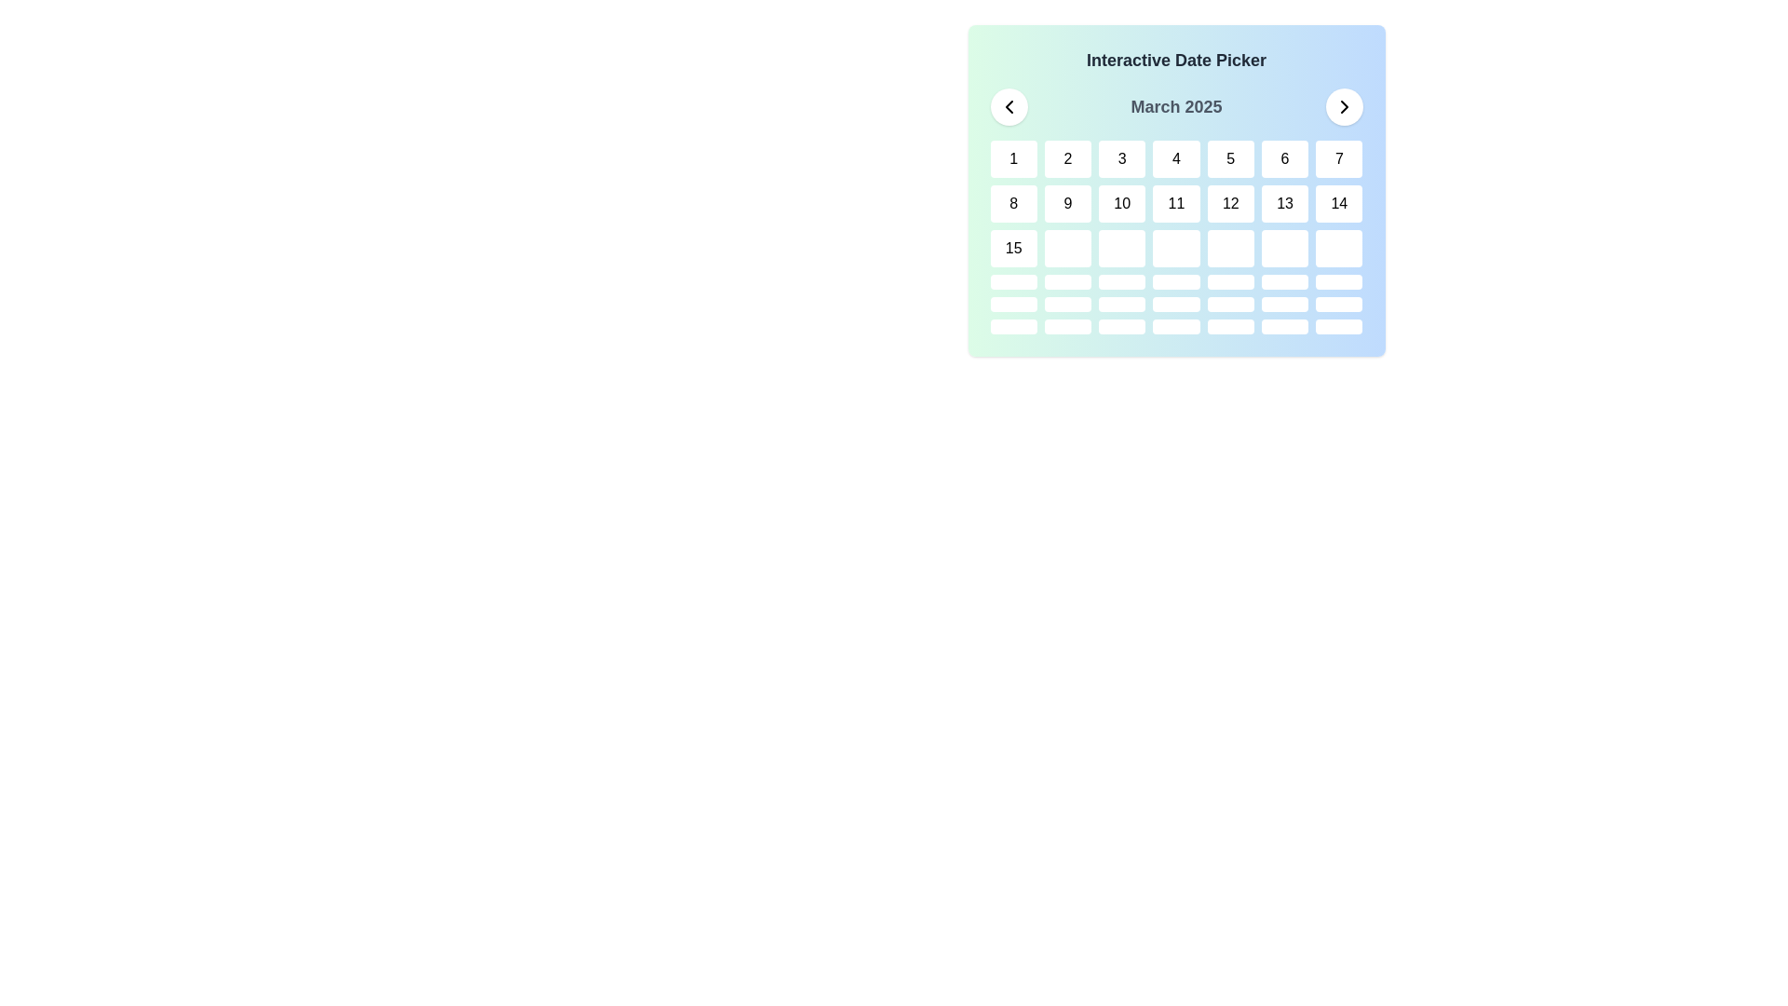 The width and height of the screenshot is (1788, 1006). What do you see at coordinates (1175, 204) in the screenshot?
I see `the clickable date selector button for the 11th day of March 2025 in the interactive date picker to interact with accessibility tools` at bounding box center [1175, 204].